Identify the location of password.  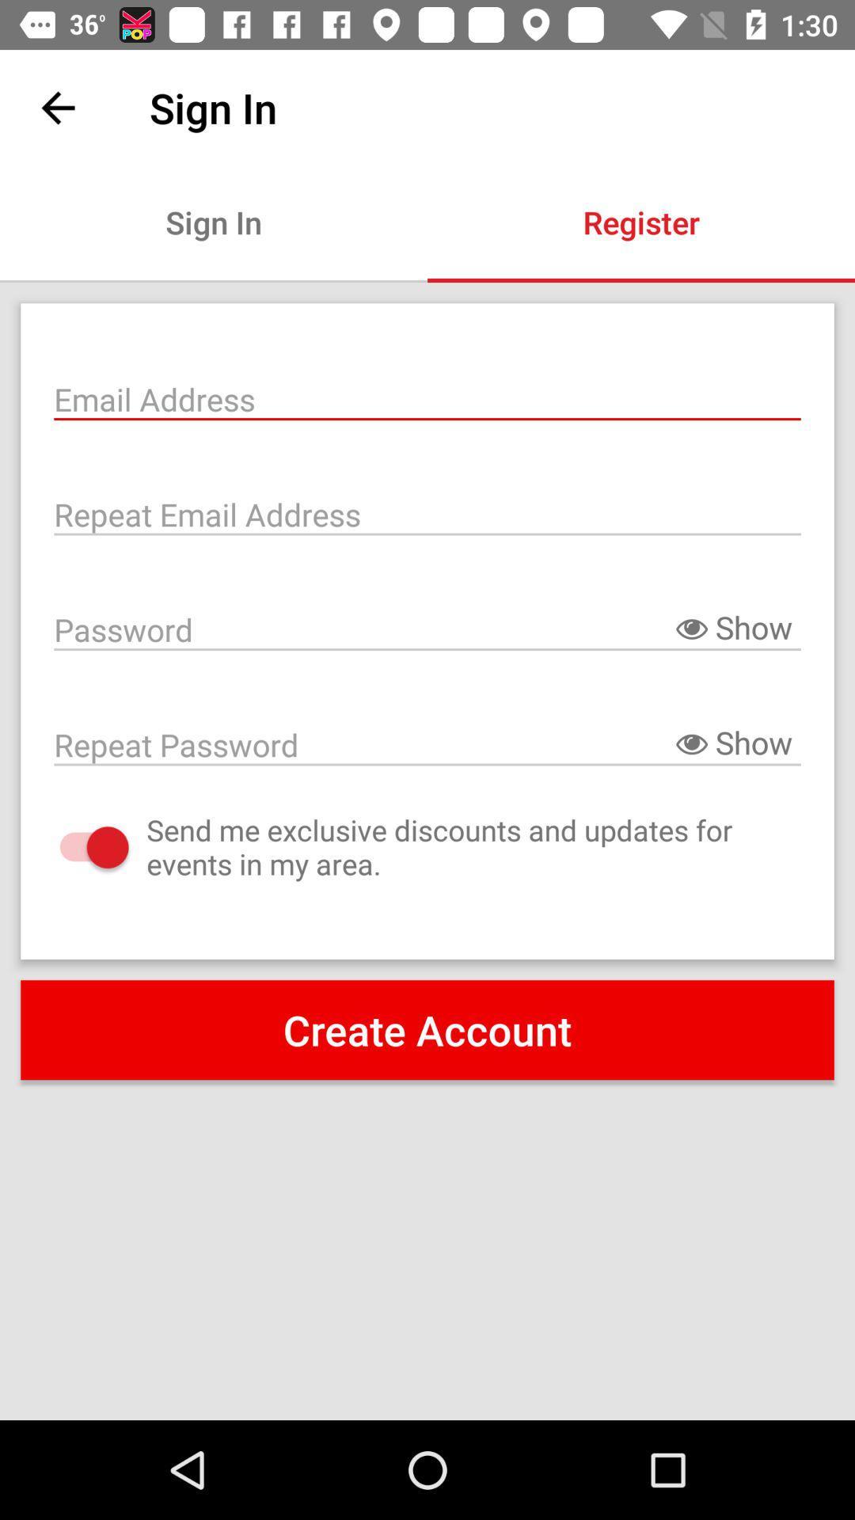
(427, 743).